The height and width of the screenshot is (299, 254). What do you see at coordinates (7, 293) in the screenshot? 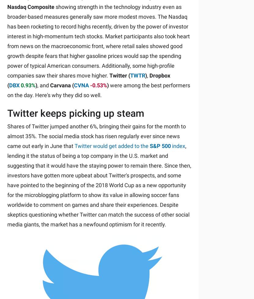
I see `'Accessibility Policy'` at bounding box center [7, 293].